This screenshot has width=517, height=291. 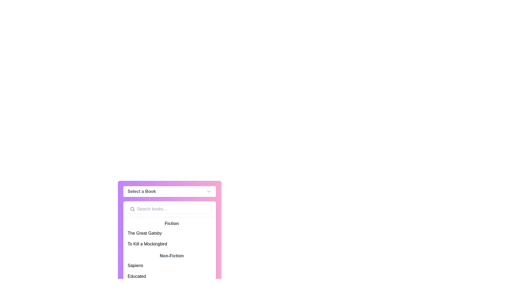 What do you see at coordinates (169, 265) in the screenshot?
I see `the first list item under the 'Non-Fiction' section` at bounding box center [169, 265].